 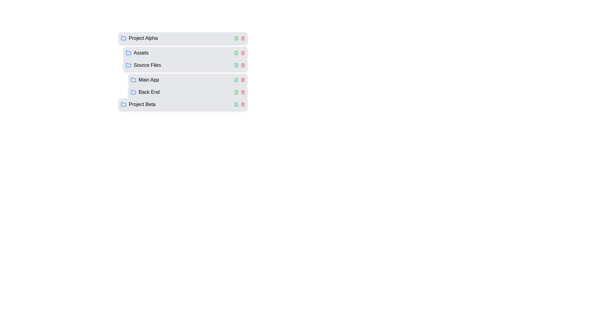 What do you see at coordinates (243, 92) in the screenshot?
I see `the red trashcan icon button indicating delete action, located in the 'Back End' folder row, to the far right of the green file icon` at bounding box center [243, 92].